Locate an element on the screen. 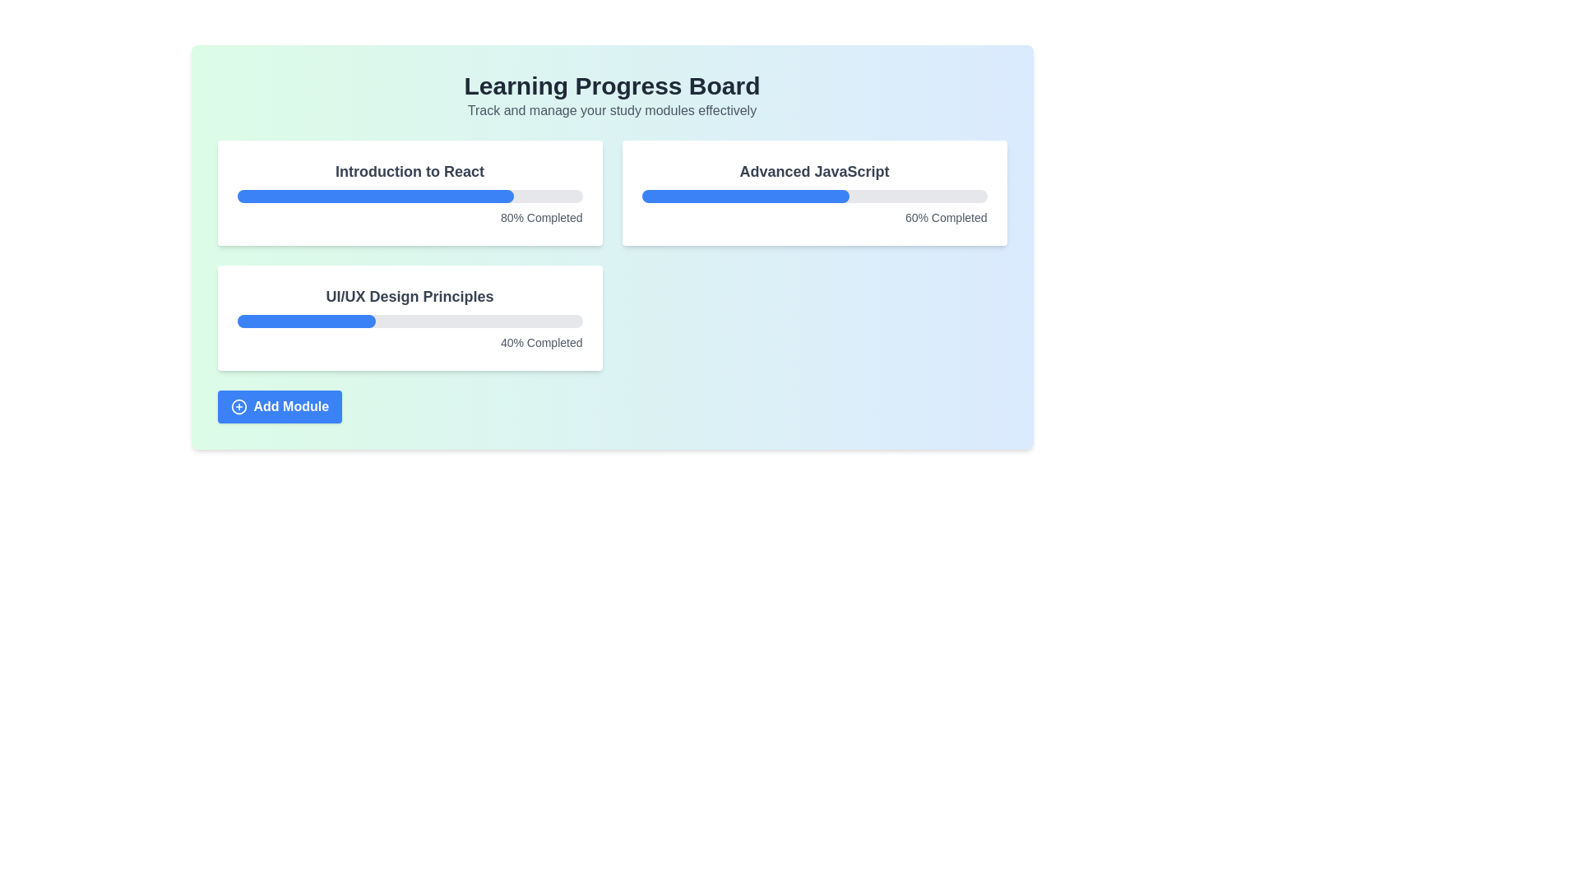 The width and height of the screenshot is (1579, 888). the circular icon element that represents adding or creating a new item, located to the left of the text labeled 'Add Module' at the bottom left corner of the interface is located at coordinates (238, 406).